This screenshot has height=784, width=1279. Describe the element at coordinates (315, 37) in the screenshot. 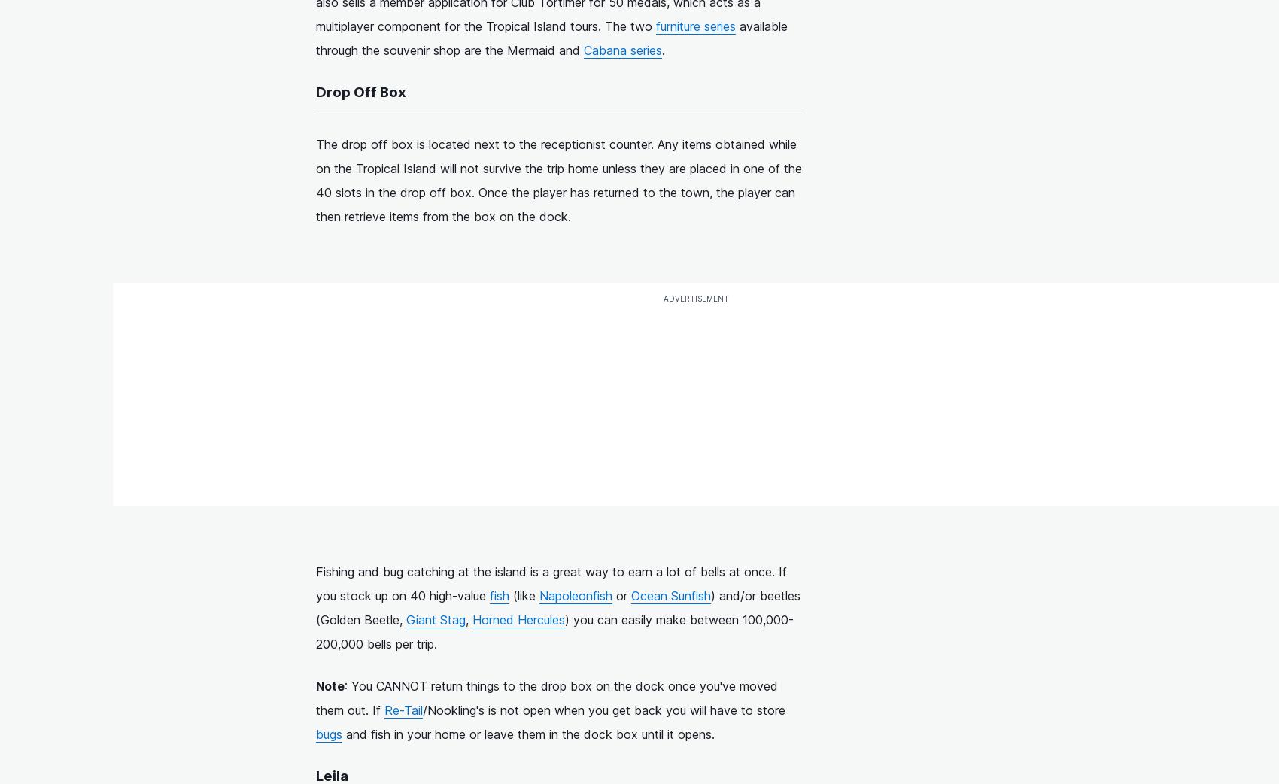

I see `'available through the souvenir shop are the Mermaid and'` at that location.